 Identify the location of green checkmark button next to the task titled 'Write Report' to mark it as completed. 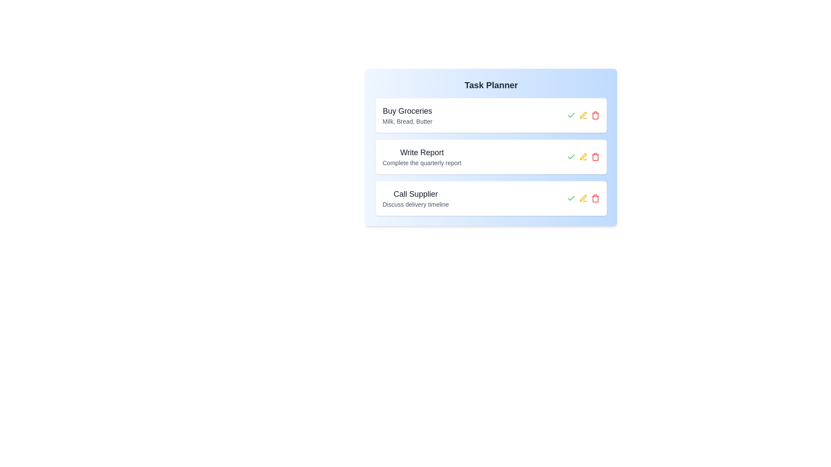
(571, 157).